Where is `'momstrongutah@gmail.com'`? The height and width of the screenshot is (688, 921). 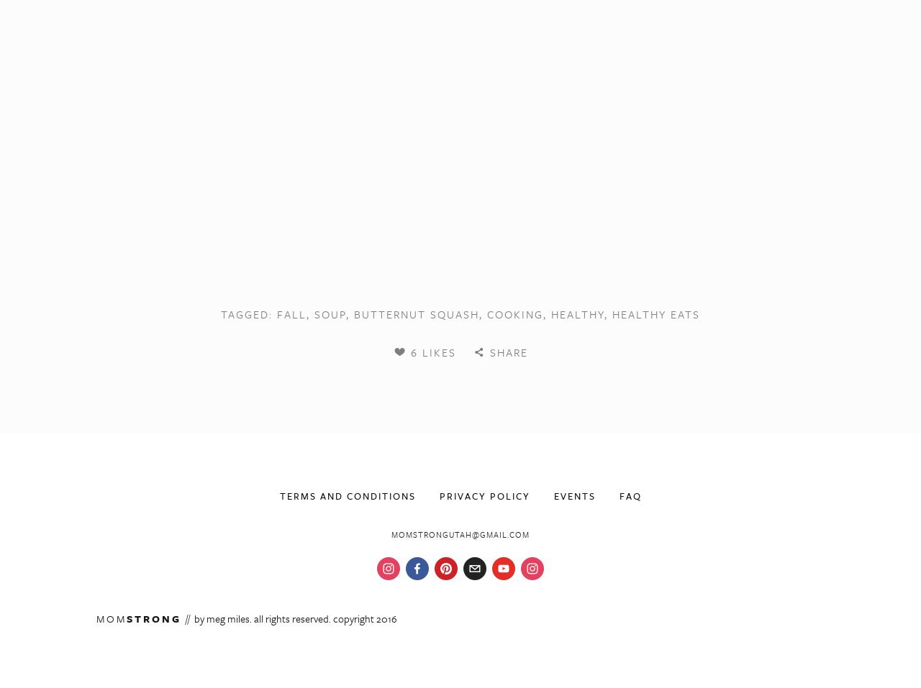 'momstrongutah@gmail.com' is located at coordinates (460, 533).